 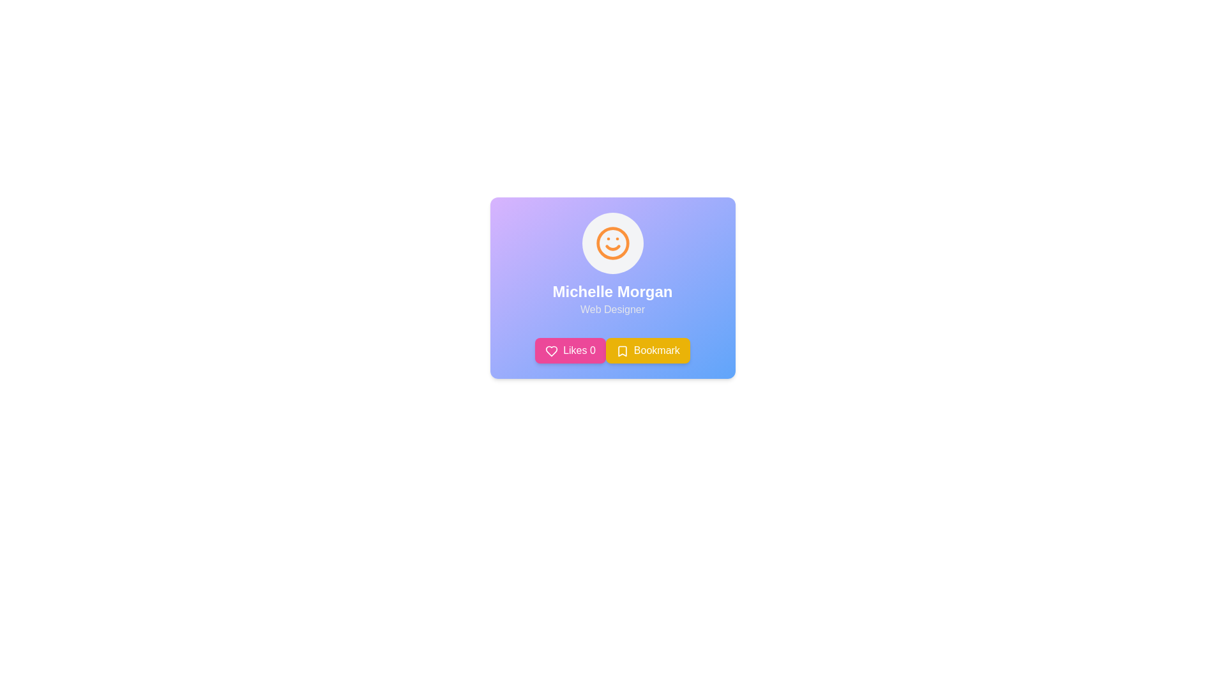 What do you see at coordinates (612, 243) in the screenshot?
I see `the circular boundary of the smiley face icon located at the top-center of the profile card, which serves as the outer circle of the smiley face` at bounding box center [612, 243].